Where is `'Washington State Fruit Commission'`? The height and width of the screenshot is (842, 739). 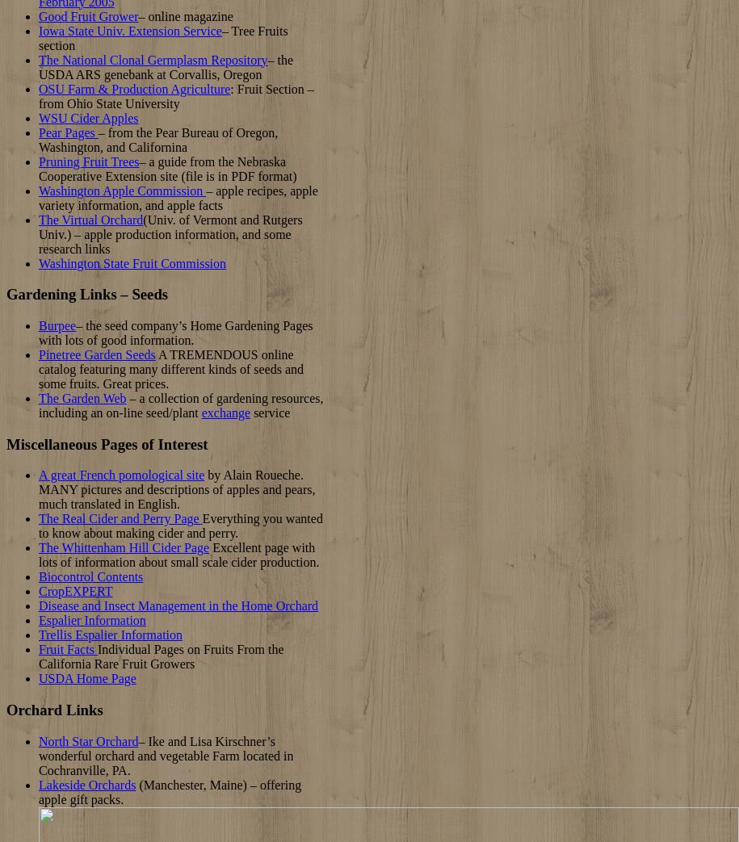
'Washington State Fruit Commission' is located at coordinates (131, 262).